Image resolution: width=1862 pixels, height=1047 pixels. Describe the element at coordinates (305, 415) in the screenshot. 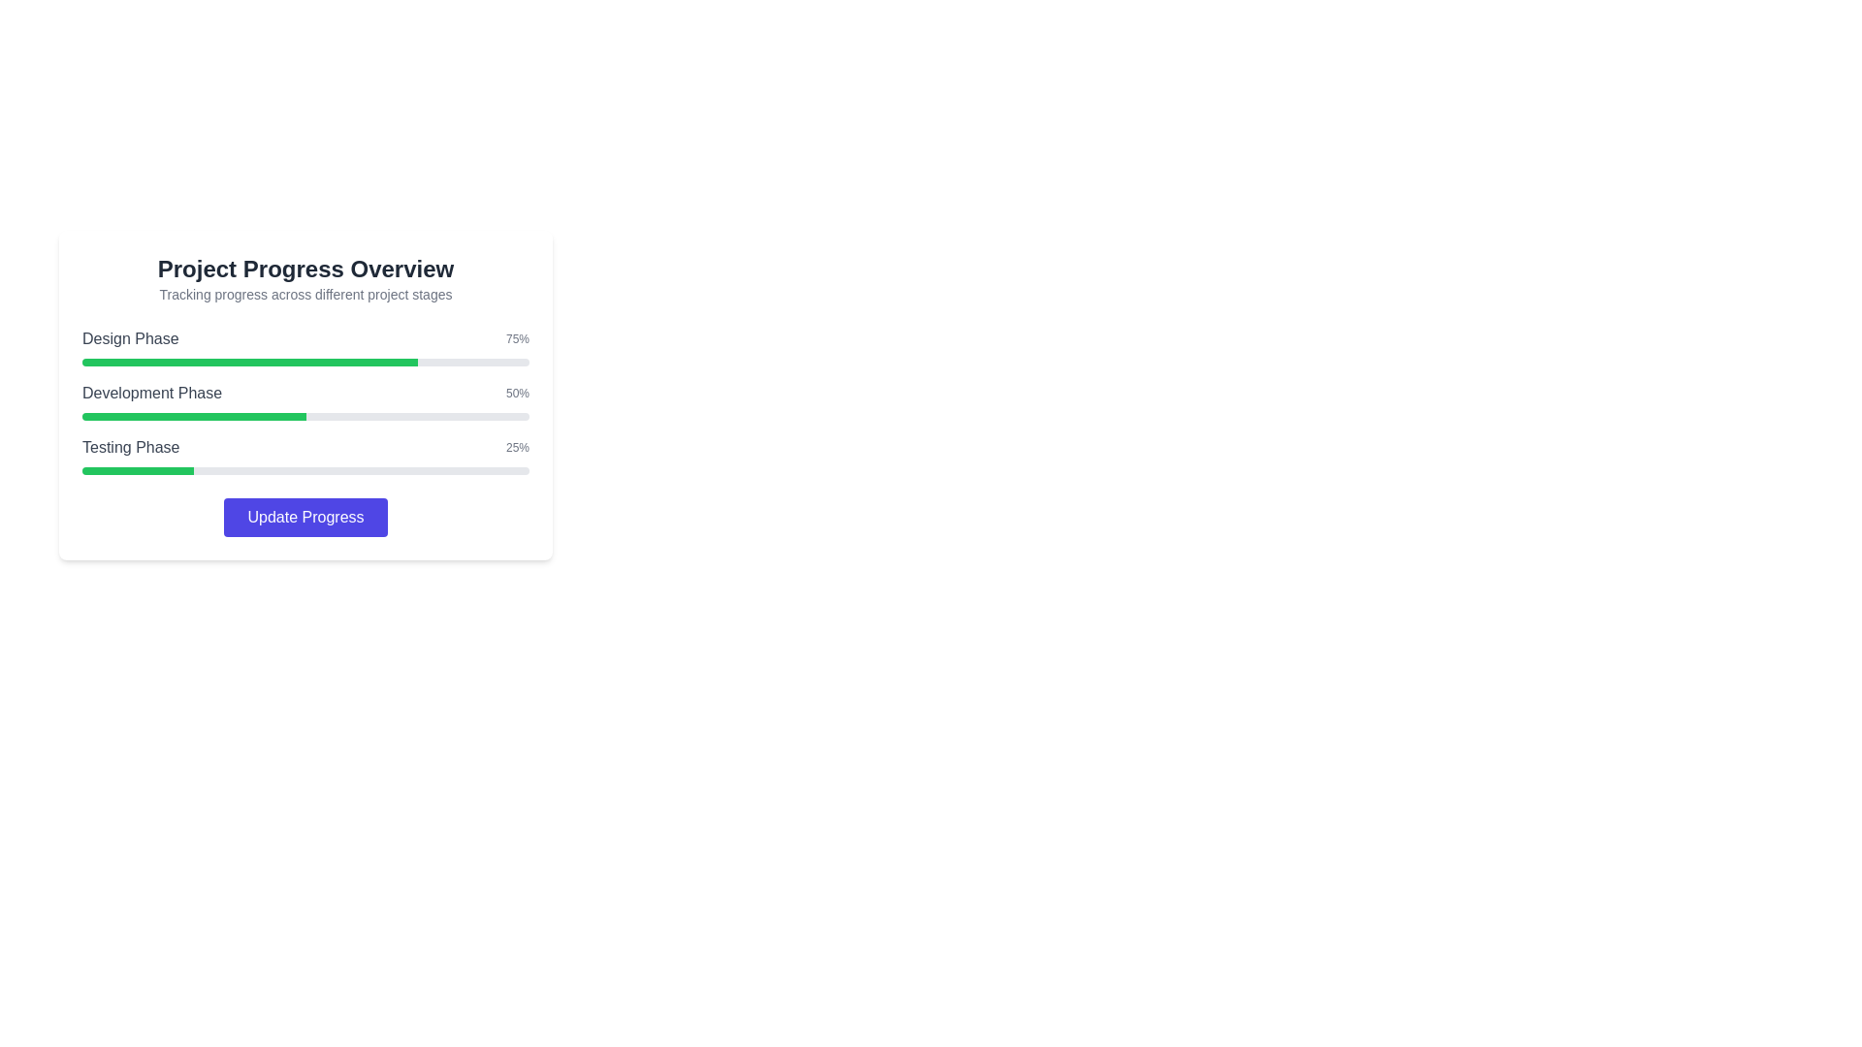

I see `the second progress bar located below the title 'Development Phase' and above the value '50%', which visually represents 50% progress with a gray background and a green-filled portion` at that location.